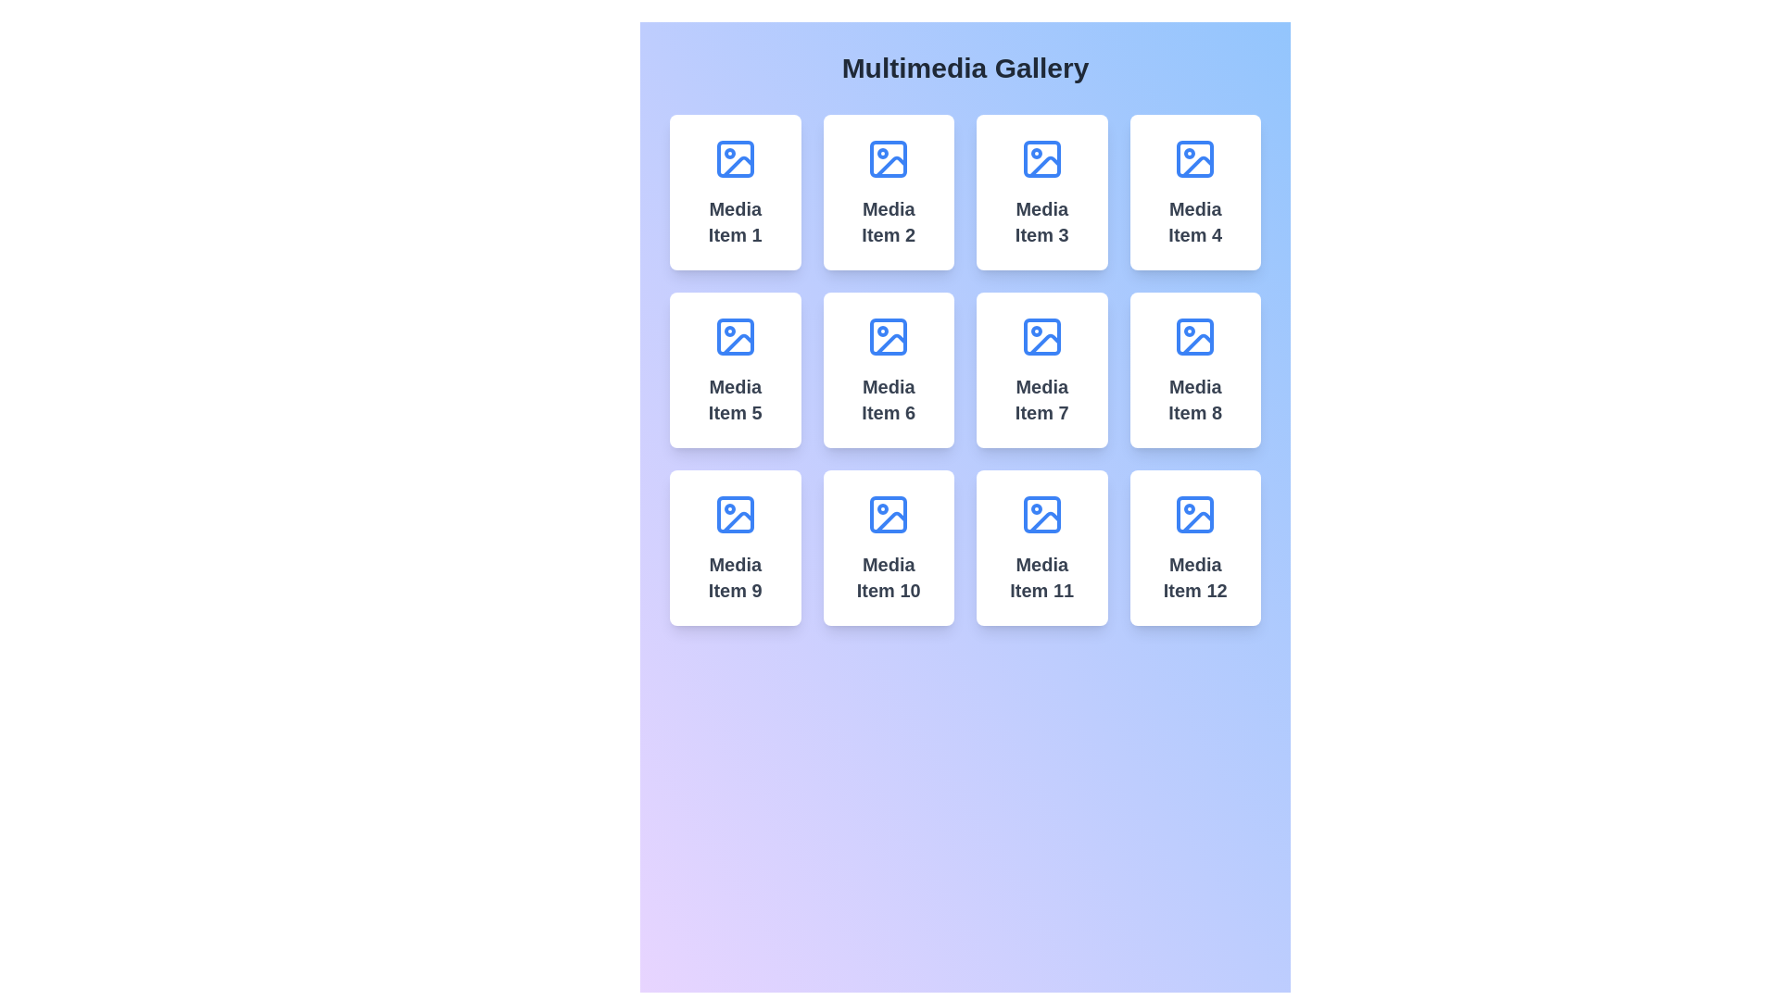 This screenshot has height=1000, width=1779. I want to click on the text element that serves as a label for 'Media Item 4', which is positioned beneath the image icon in the fourth card of the top row, so click(1195, 220).